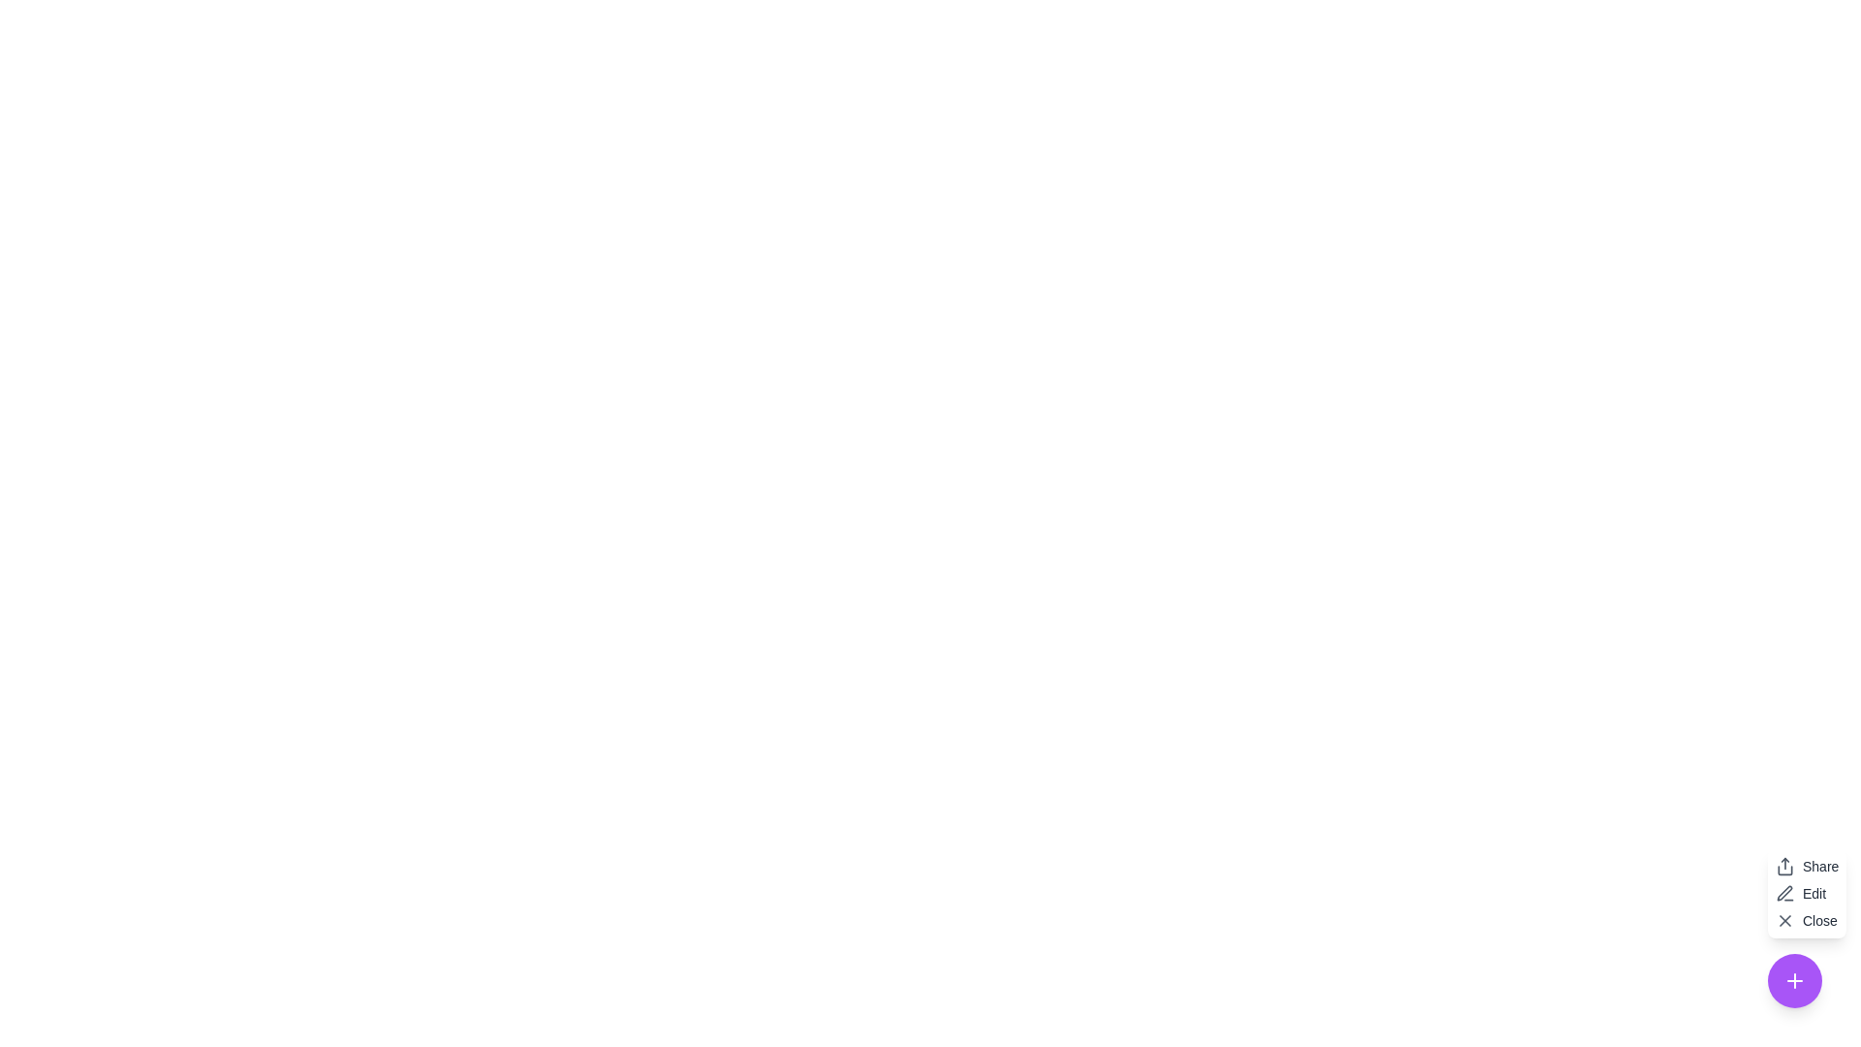 The width and height of the screenshot is (1861, 1047). What do you see at coordinates (1806, 893) in the screenshot?
I see `the second button in the vertical menu` at bounding box center [1806, 893].